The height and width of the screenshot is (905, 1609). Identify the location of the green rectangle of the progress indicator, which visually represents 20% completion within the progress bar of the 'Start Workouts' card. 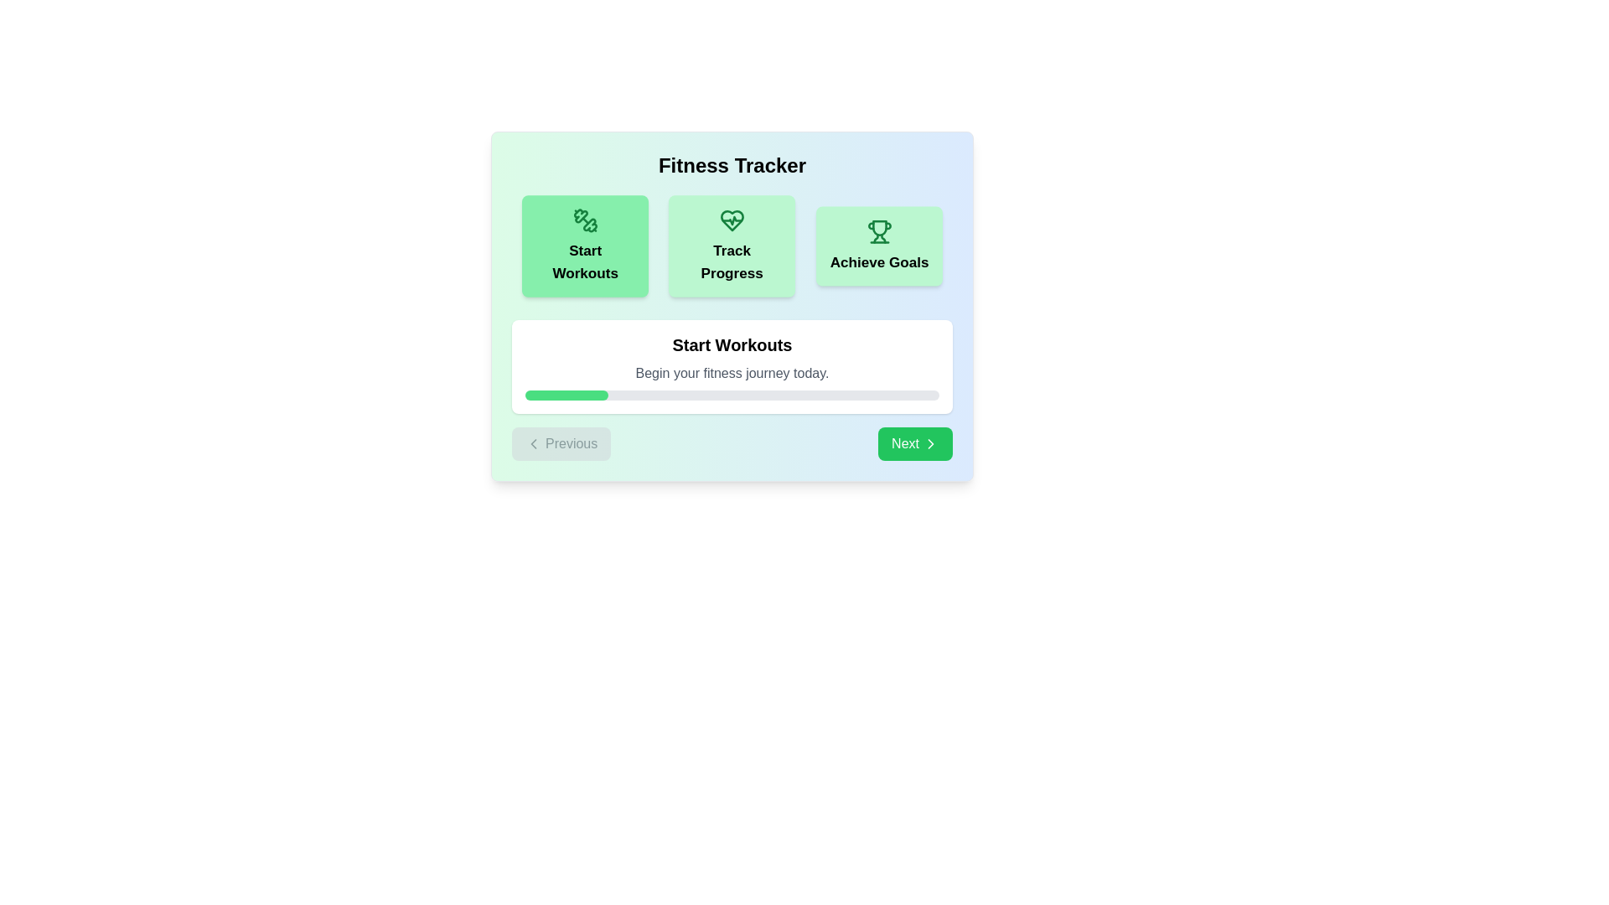
(567, 395).